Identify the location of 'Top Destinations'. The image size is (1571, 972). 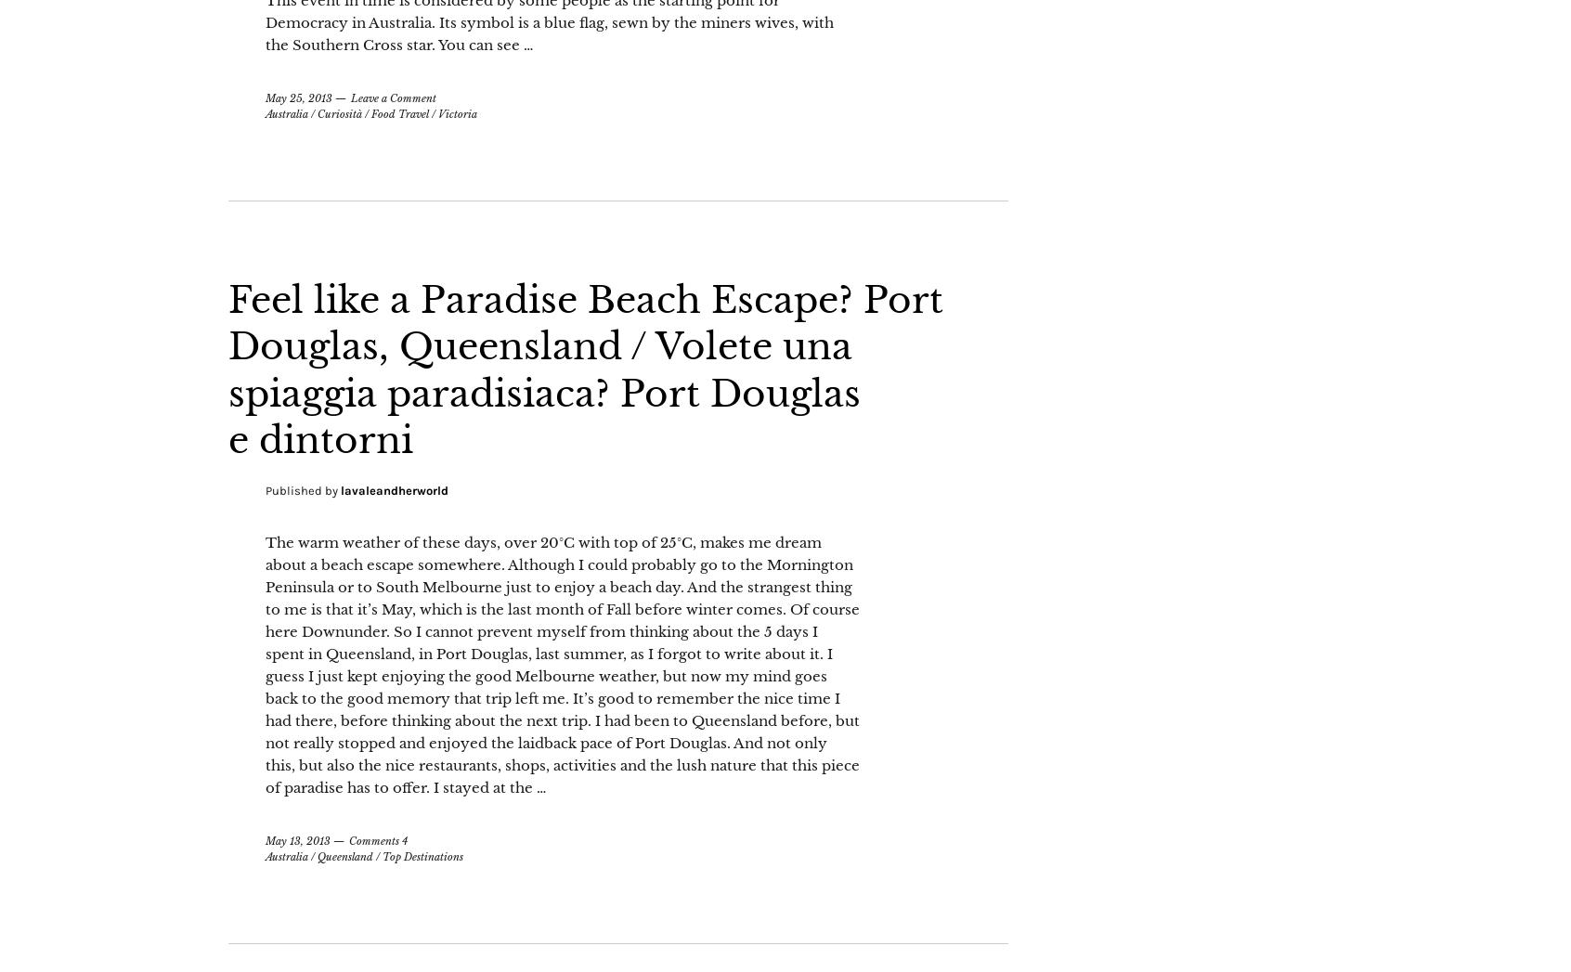
(383, 901).